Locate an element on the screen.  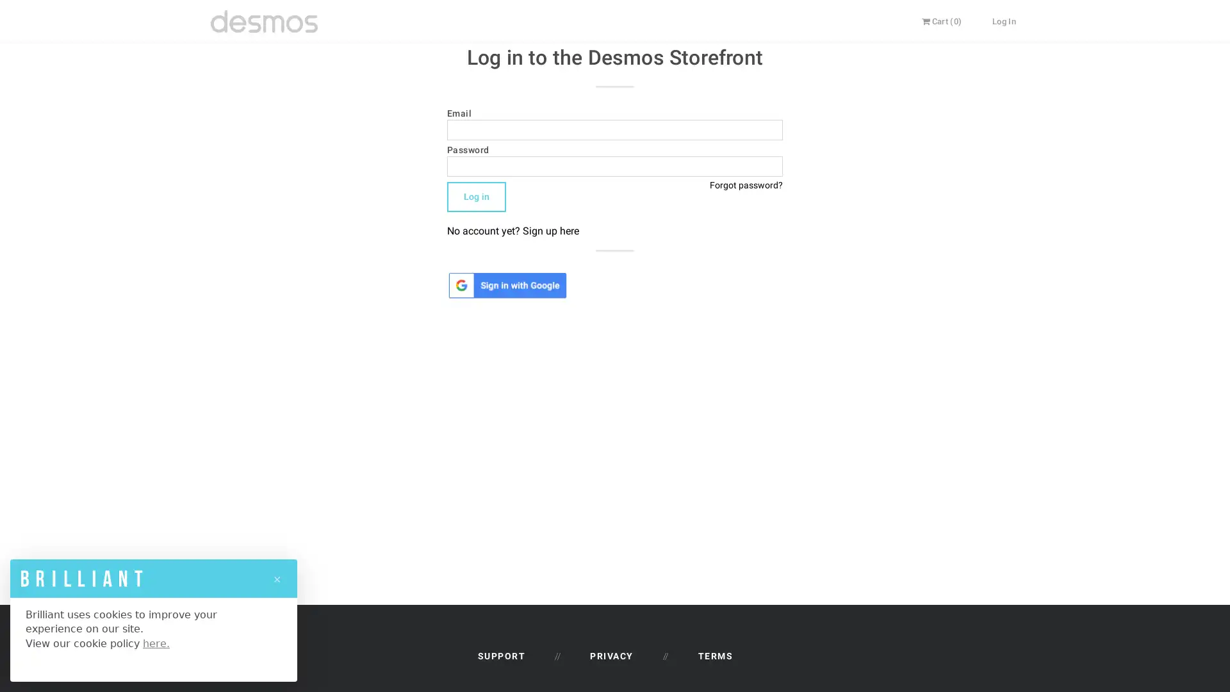
Log in is located at coordinates (475, 197).